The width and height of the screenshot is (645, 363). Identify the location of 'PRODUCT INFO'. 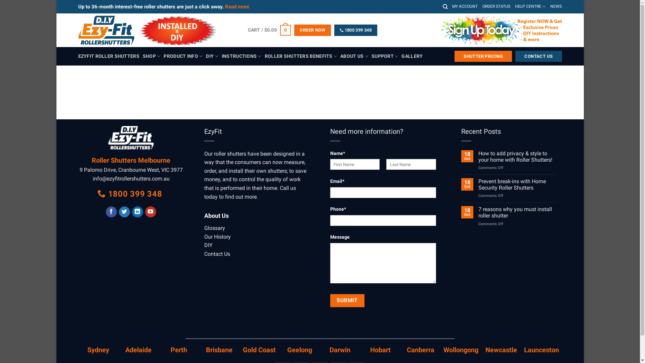
(183, 56).